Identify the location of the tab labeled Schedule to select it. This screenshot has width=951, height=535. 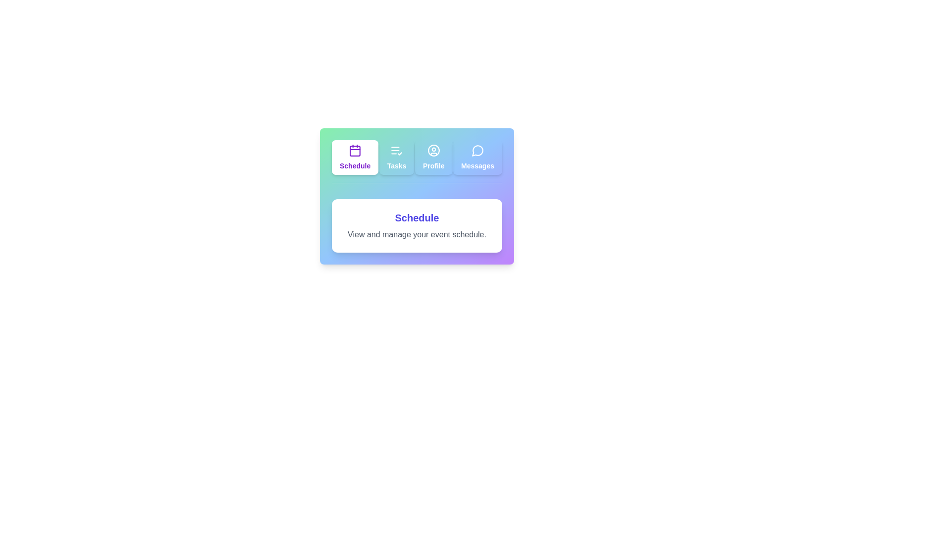
(355, 157).